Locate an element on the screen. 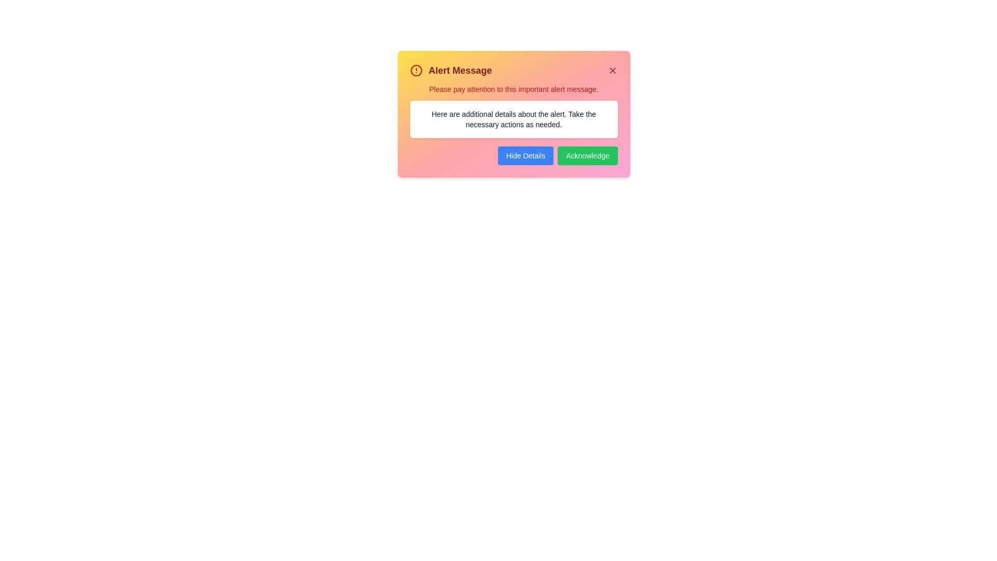 This screenshot has height=561, width=997. the 'Hide Details' button to toggle the visibility of additional details is located at coordinates (526, 156).